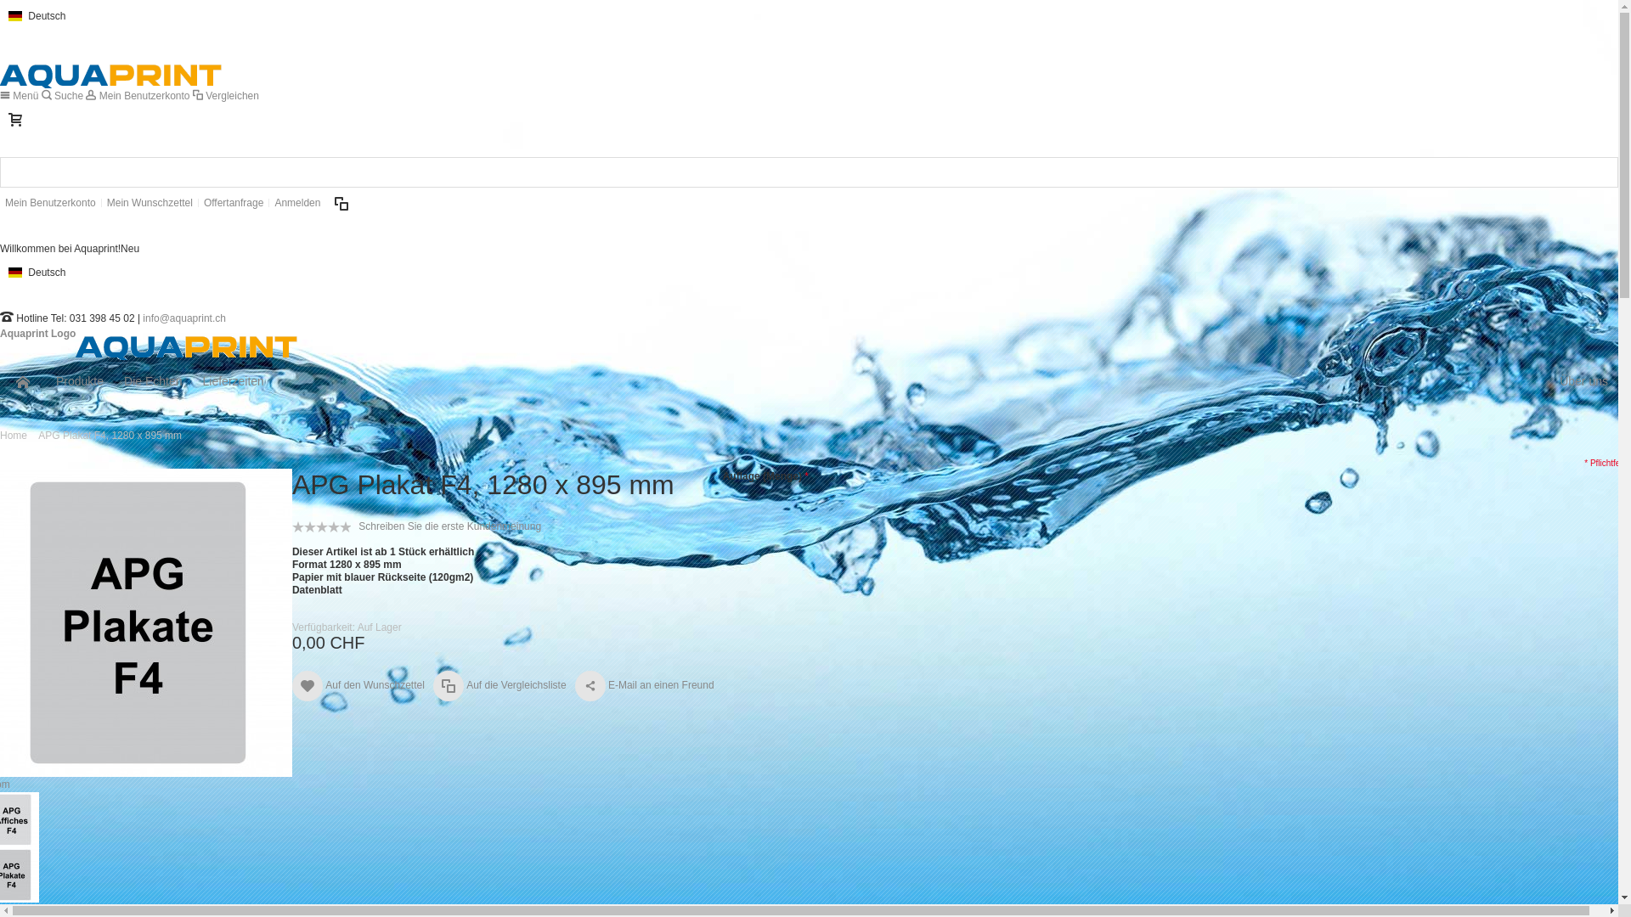 The image size is (1631, 917). Describe the element at coordinates (79, 380) in the screenshot. I see `'Produkte'` at that location.